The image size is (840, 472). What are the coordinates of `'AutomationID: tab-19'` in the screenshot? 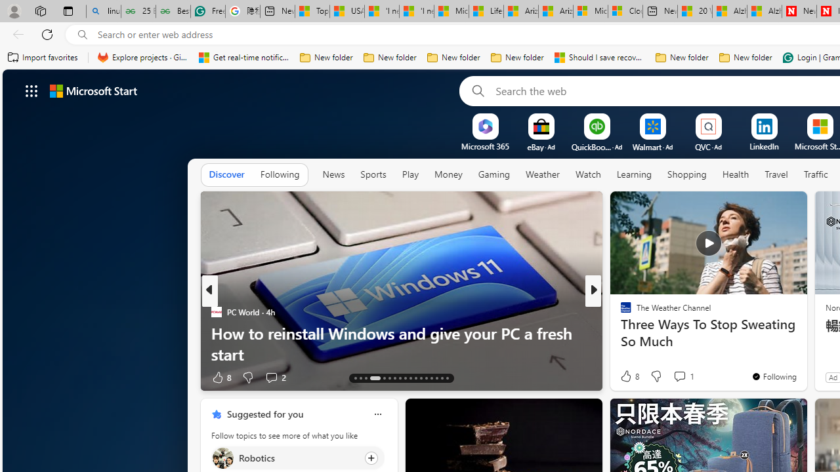 It's located at (393, 378).